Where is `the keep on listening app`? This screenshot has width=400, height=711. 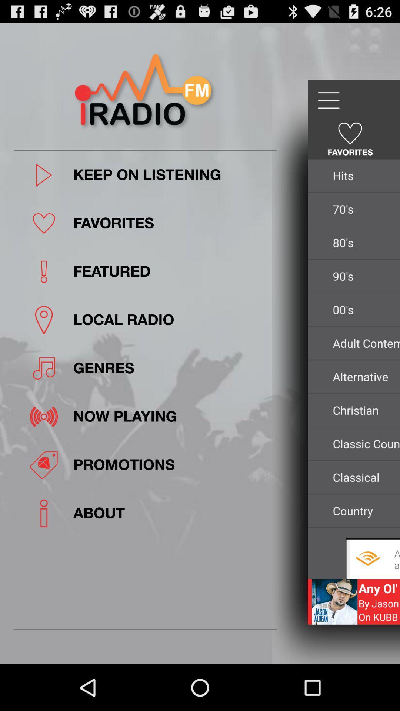
the keep on listening app is located at coordinates (173, 174).